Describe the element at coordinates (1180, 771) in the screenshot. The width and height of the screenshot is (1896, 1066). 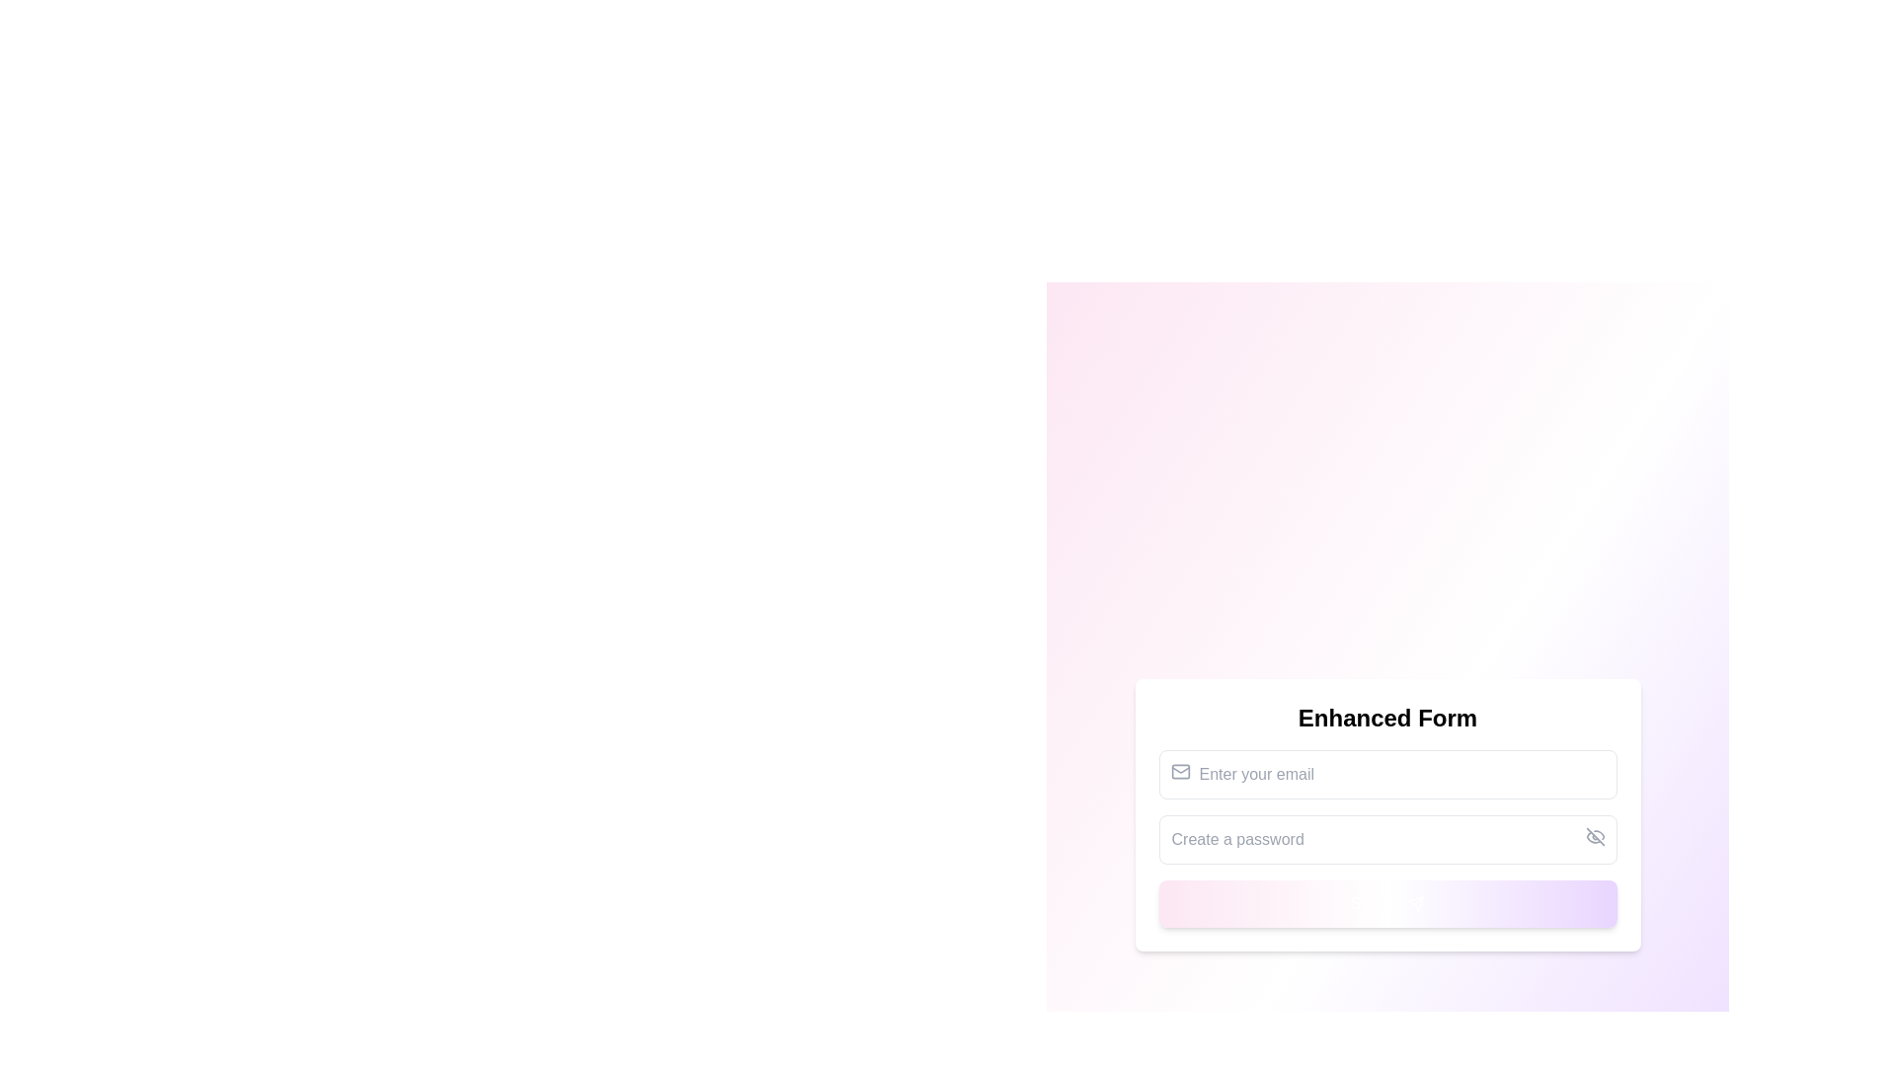
I see `the envelope icon representing the email input field, located on the left side of the input field` at that location.